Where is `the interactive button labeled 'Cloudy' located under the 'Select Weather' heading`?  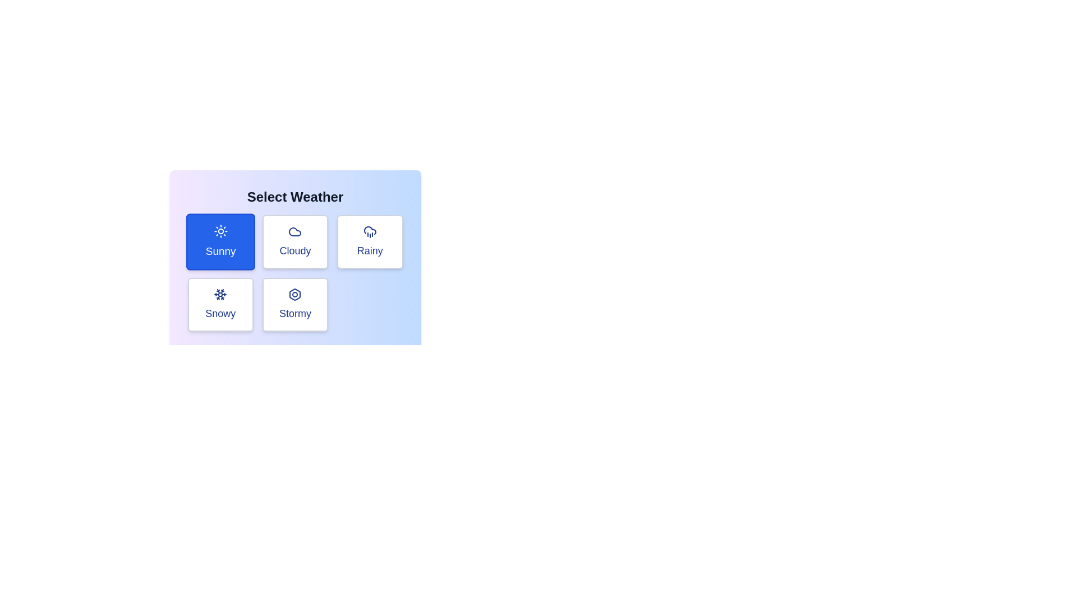 the interactive button labeled 'Cloudy' located under the 'Select Weather' heading is located at coordinates (295, 241).